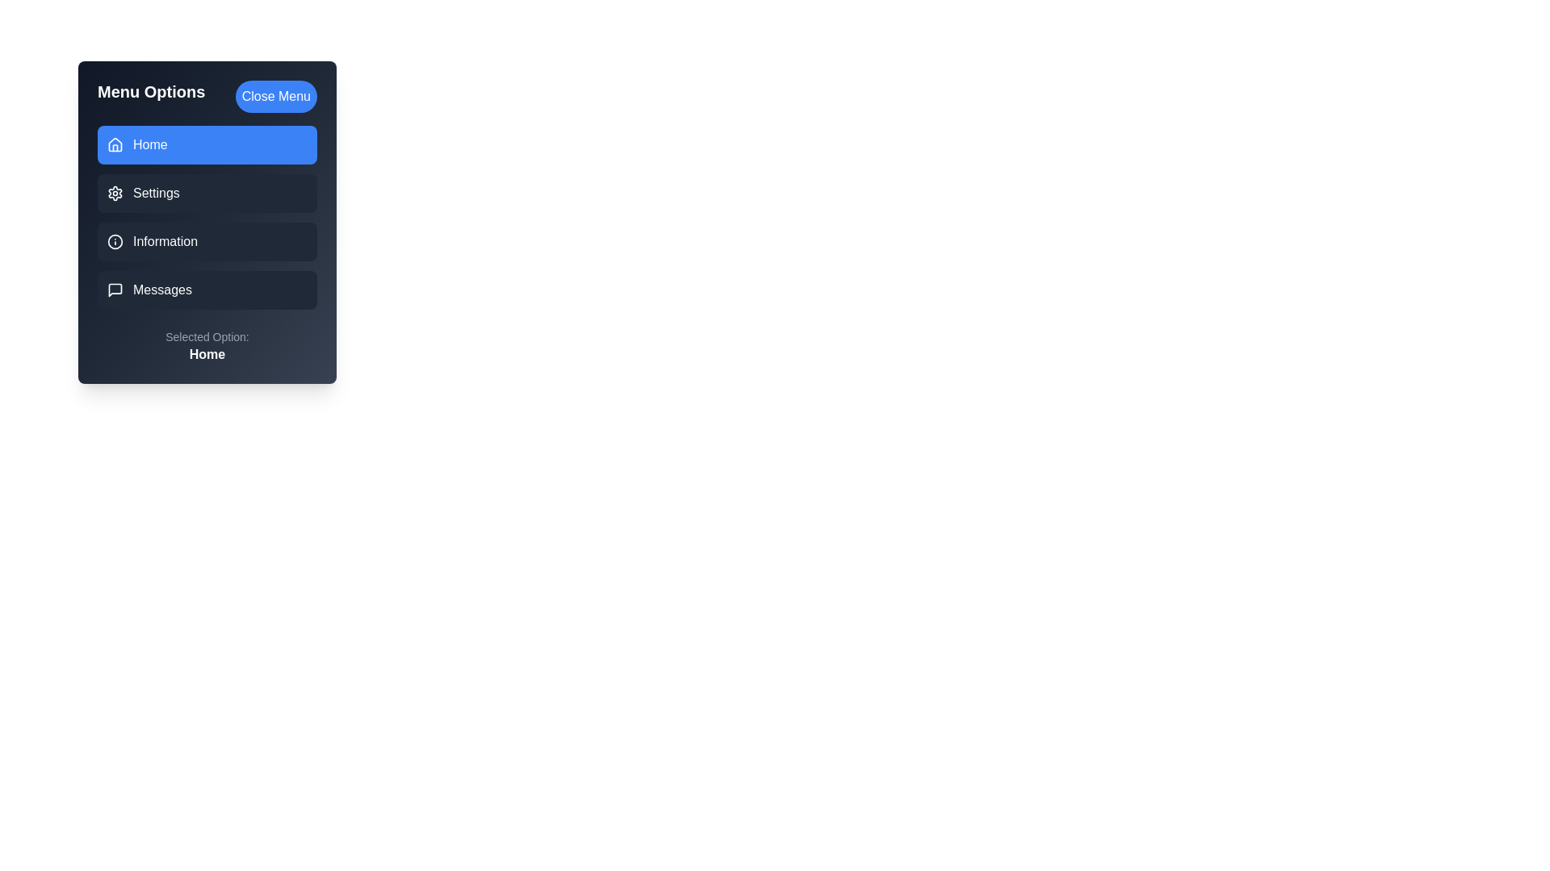 The height and width of the screenshot is (871, 1550). What do you see at coordinates (115, 242) in the screenshot?
I see `the visual representation of the SVG-based icon graphic located at the leftmost side of the 'Information' button, which is the third entry in the vertical menu list` at bounding box center [115, 242].